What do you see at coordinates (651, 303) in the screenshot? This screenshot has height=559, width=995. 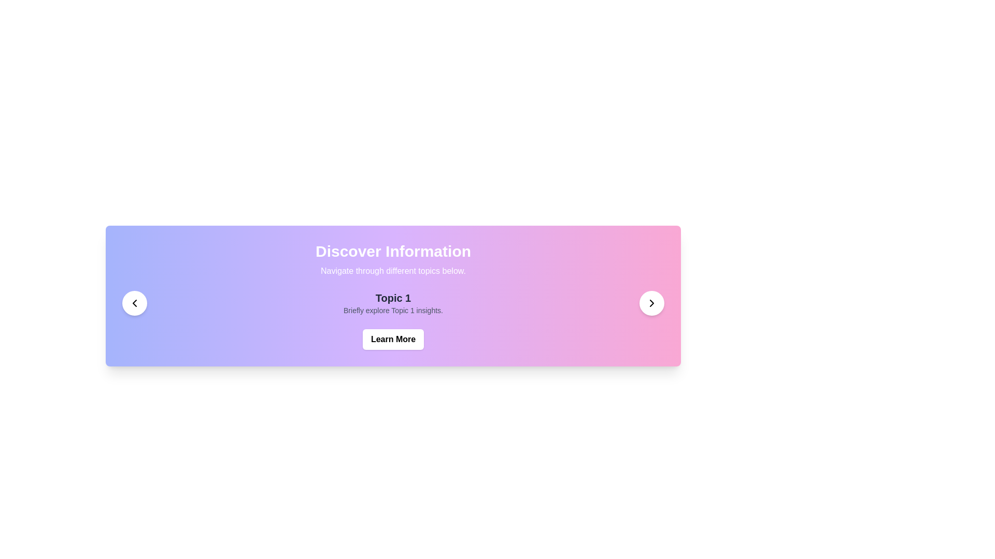 I see `the rightward-pointing arrow SVG icon located within the circular button on the right side of the card` at bounding box center [651, 303].